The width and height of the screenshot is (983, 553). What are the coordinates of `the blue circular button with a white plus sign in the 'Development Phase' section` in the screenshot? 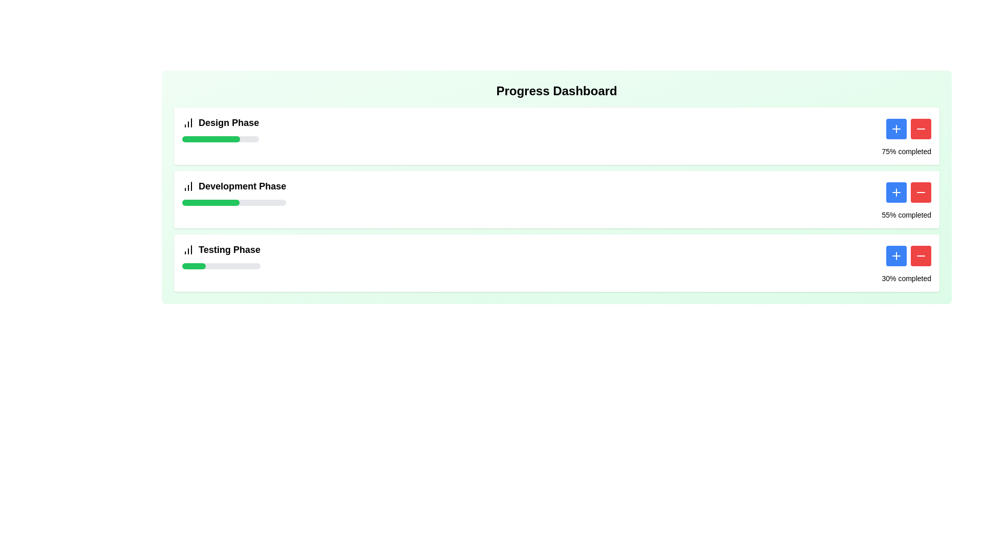 It's located at (896, 192).